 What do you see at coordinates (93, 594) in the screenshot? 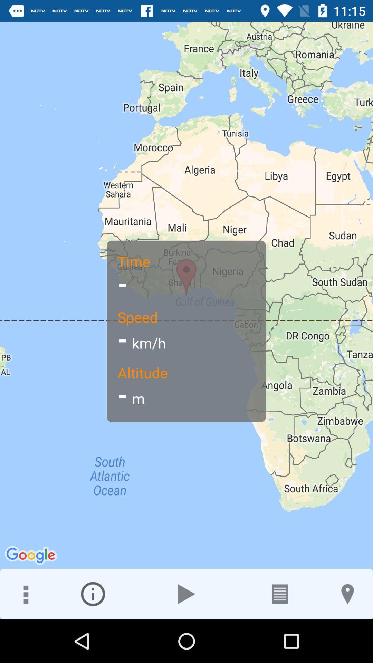
I see `icon below the -` at bounding box center [93, 594].